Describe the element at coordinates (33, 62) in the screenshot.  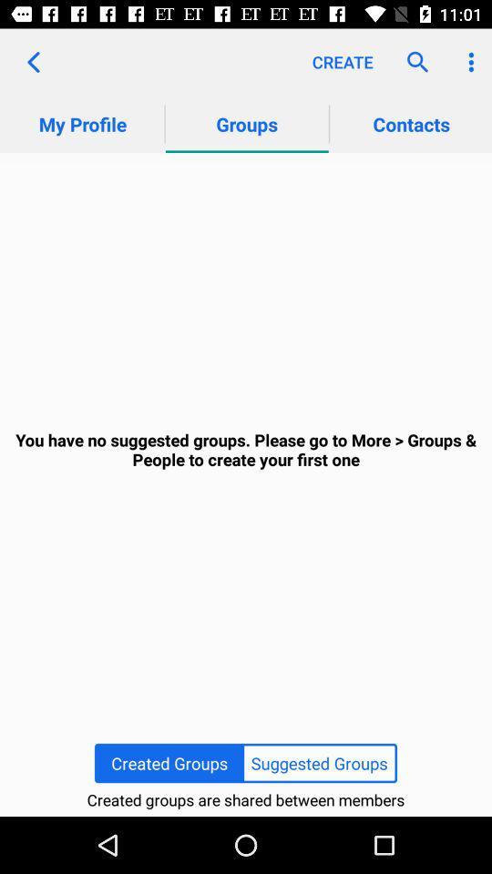
I see `app above my profile app` at that location.